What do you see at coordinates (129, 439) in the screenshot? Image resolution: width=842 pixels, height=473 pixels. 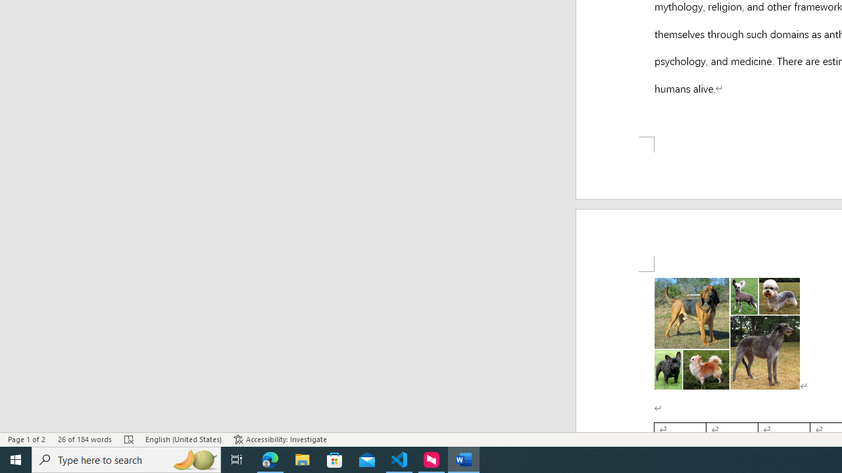 I see `'Spelling and Grammar Check Errors'` at bounding box center [129, 439].